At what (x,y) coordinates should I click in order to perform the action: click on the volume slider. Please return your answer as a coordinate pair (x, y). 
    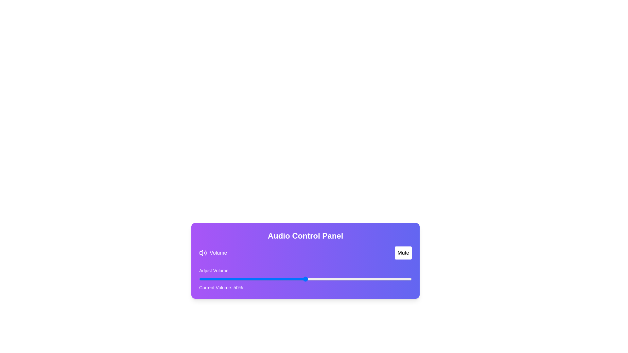
    Looking at the image, I should click on (205, 279).